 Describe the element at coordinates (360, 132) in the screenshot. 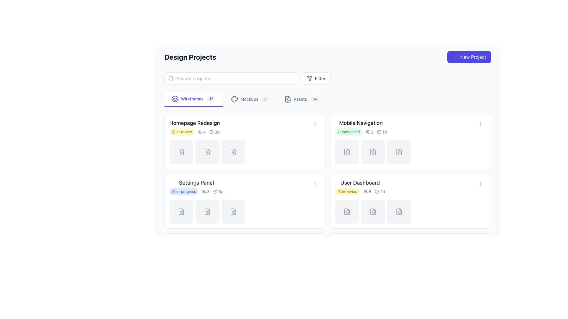

I see `the informational status display in the 'Mobile Navigation' section of the 'Design Projects' interface, which indicates project status, number of collaborators, and time duration` at that location.